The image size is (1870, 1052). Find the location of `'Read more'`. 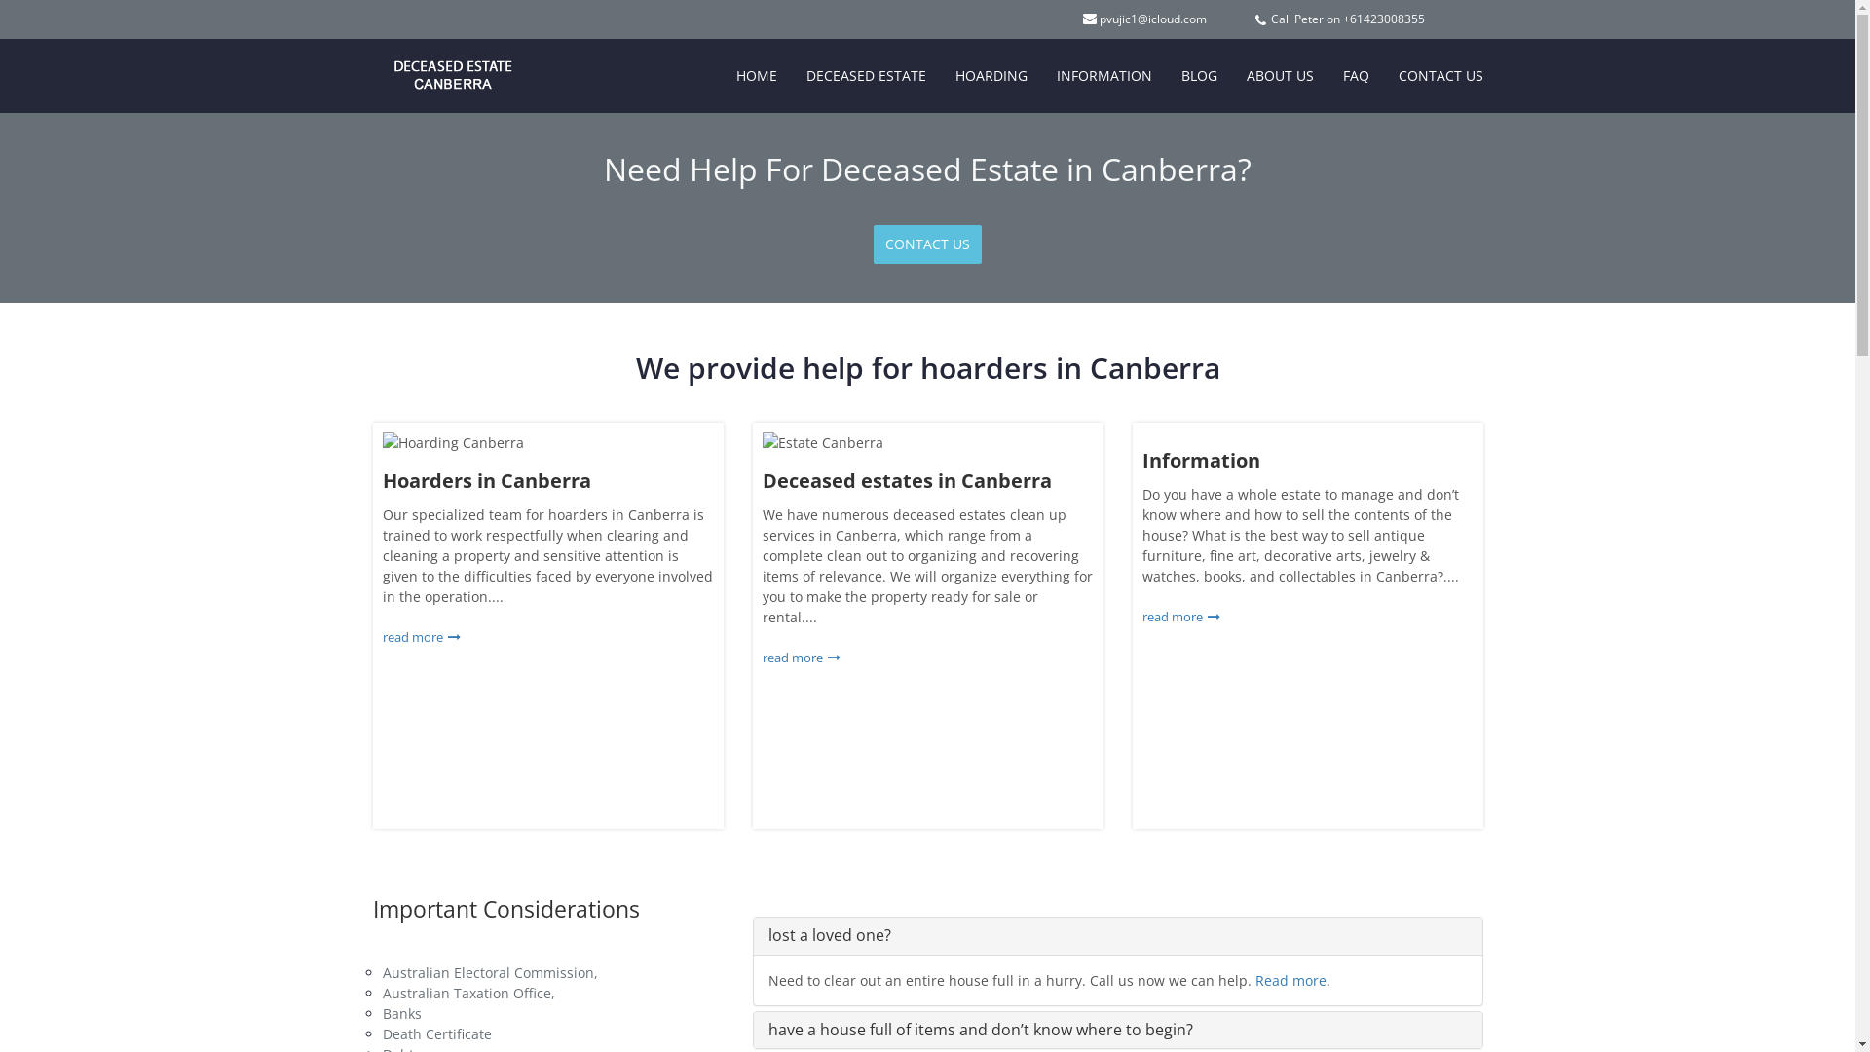

'Read more' is located at coordinates (1290, 980).